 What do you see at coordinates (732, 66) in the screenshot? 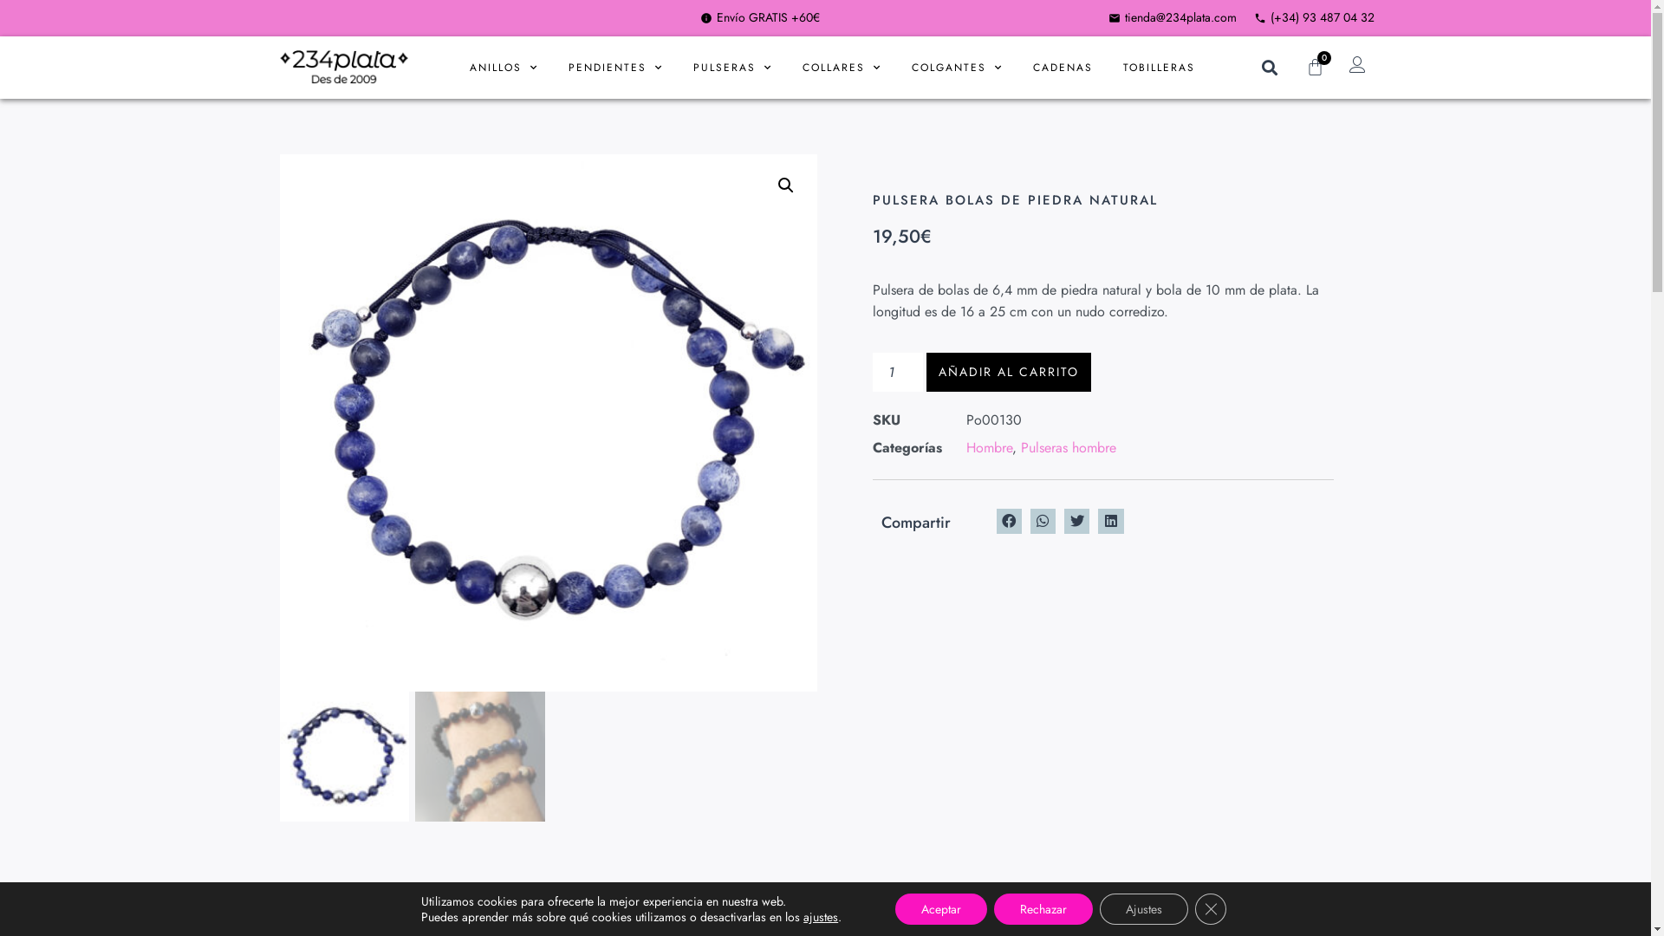
I see `'PULSERAS'` at bounding box center [732, 66].